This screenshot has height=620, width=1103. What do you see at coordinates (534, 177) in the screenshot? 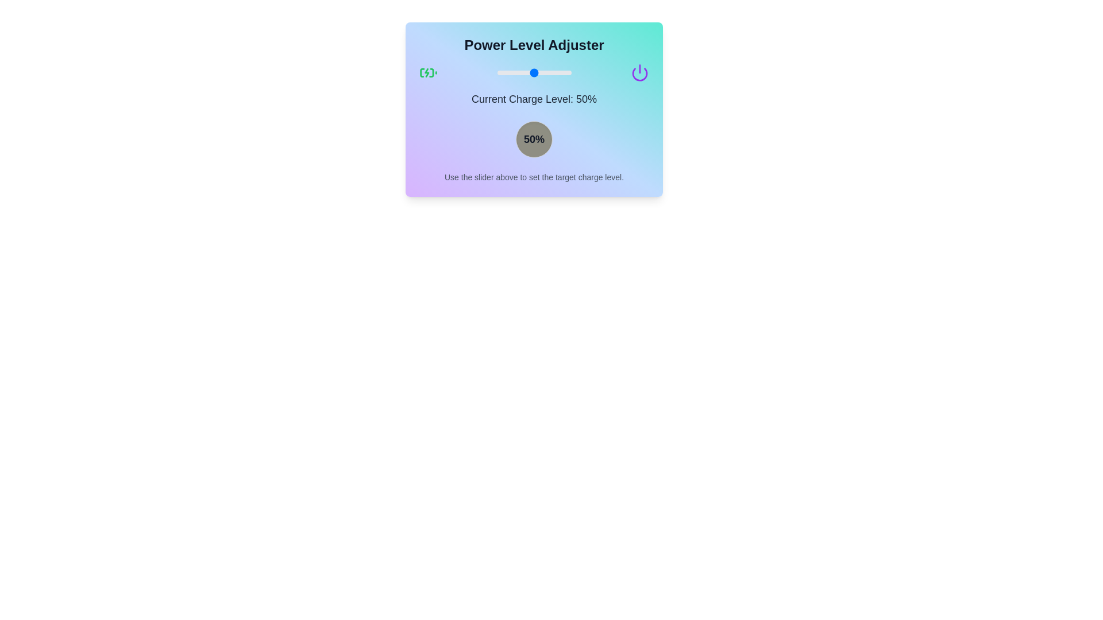
I see `the text label that reads 'Use the slider above to set the target charge level.', which is positioned at the bottom of the card, below the circular indicator showing '50%'` at bounding box center [534, 177].